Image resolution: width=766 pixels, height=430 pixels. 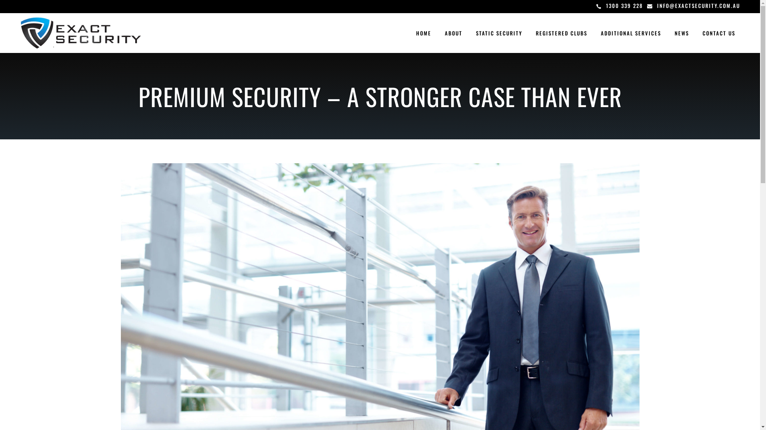 I want to click on 'NEWS', so click(x=681, y=33).